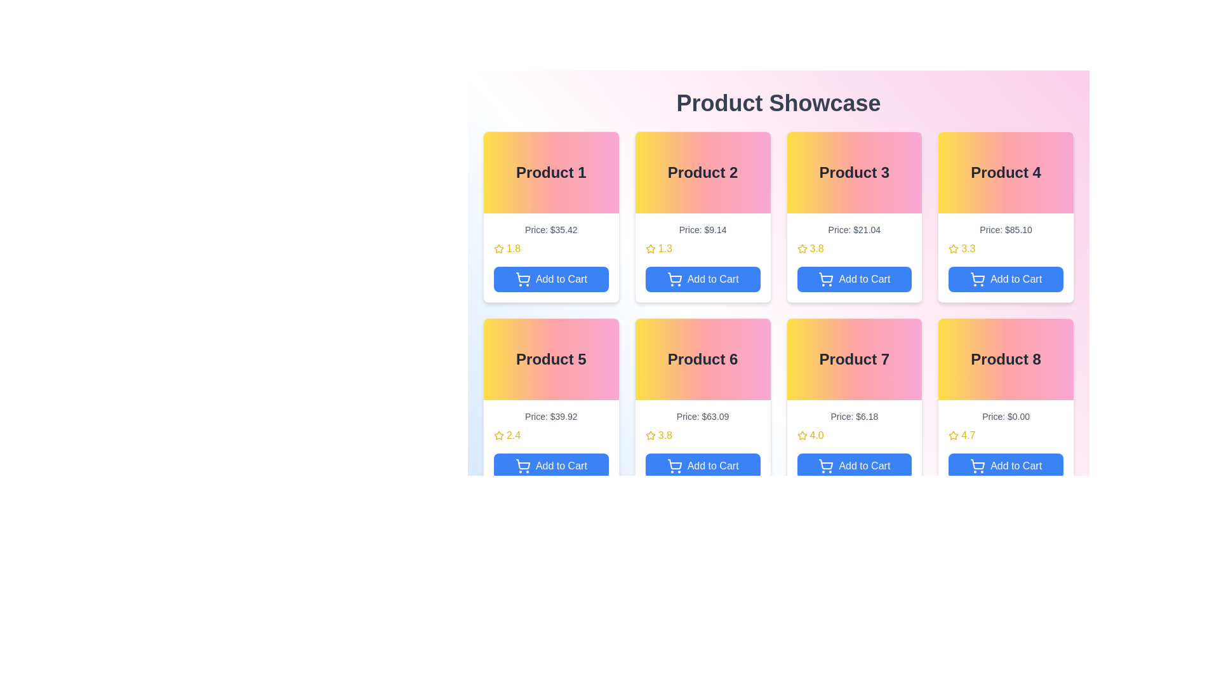  I want to click on the Text Label that serves as the title for a product card, located in the third cell of the grid layout in the first row, so click(854, 173).